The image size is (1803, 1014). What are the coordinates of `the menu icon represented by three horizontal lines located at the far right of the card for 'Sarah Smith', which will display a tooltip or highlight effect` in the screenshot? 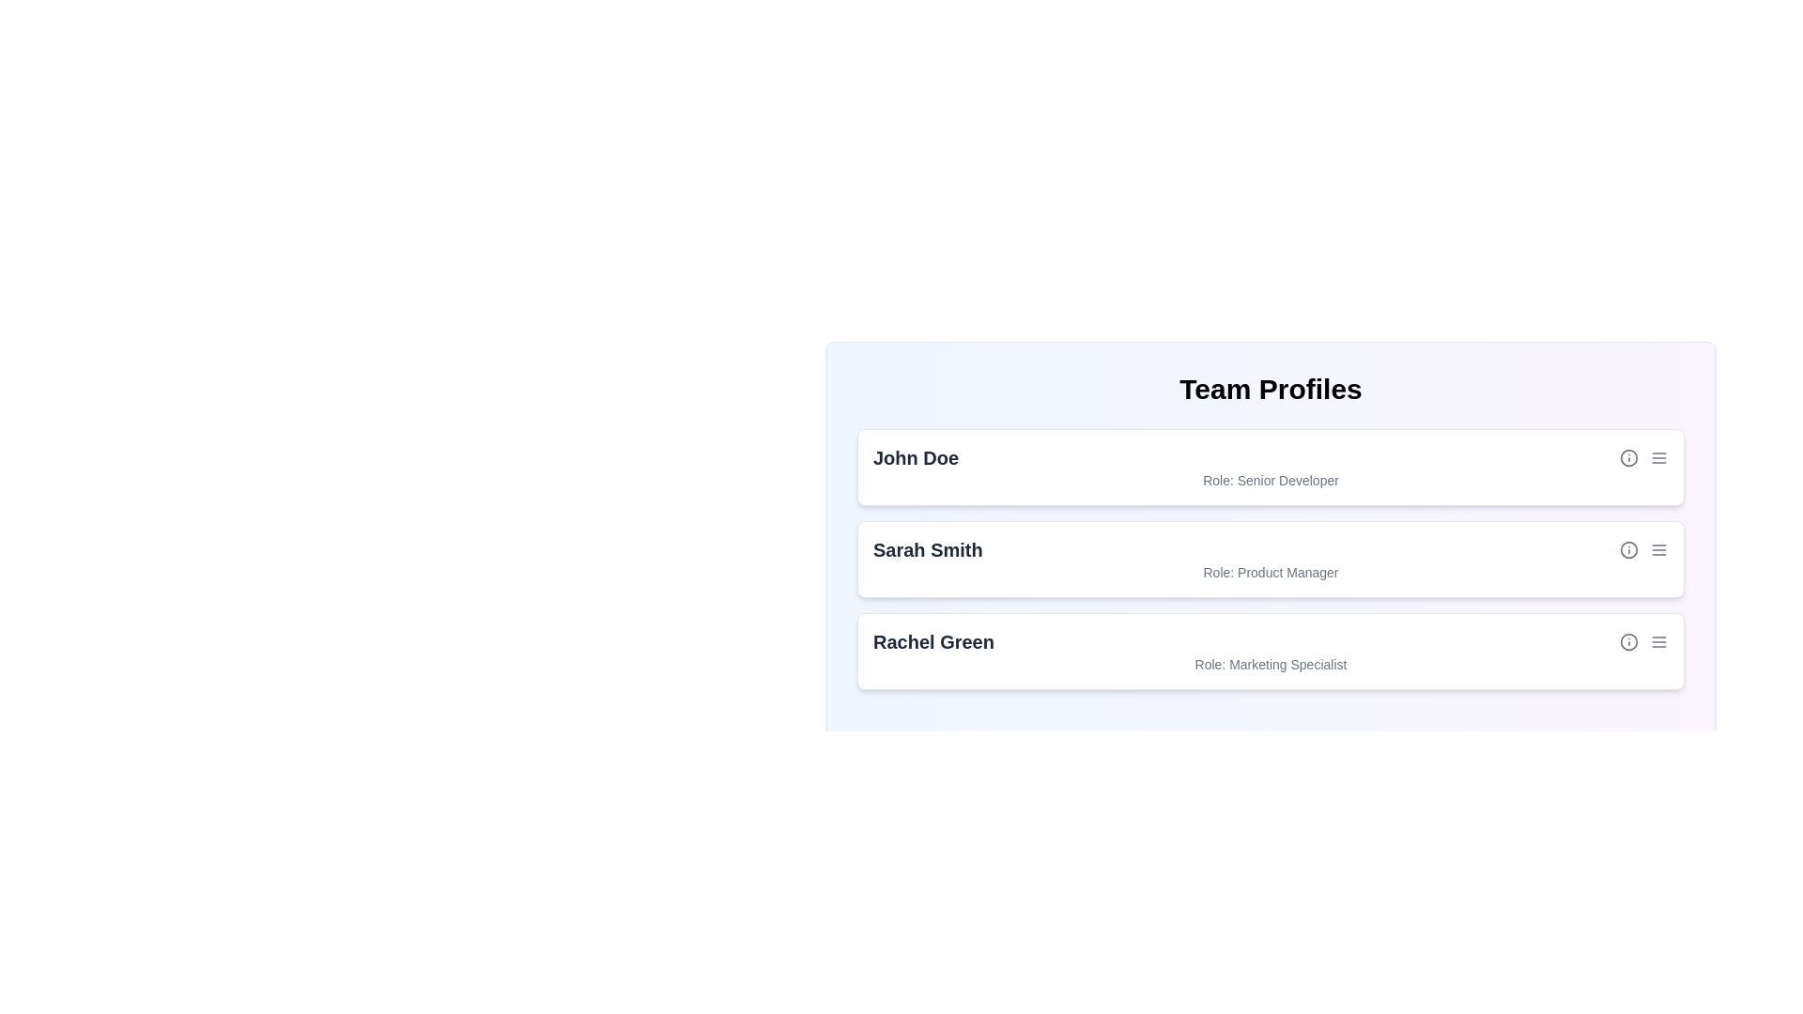 It's located at (1658, 549).